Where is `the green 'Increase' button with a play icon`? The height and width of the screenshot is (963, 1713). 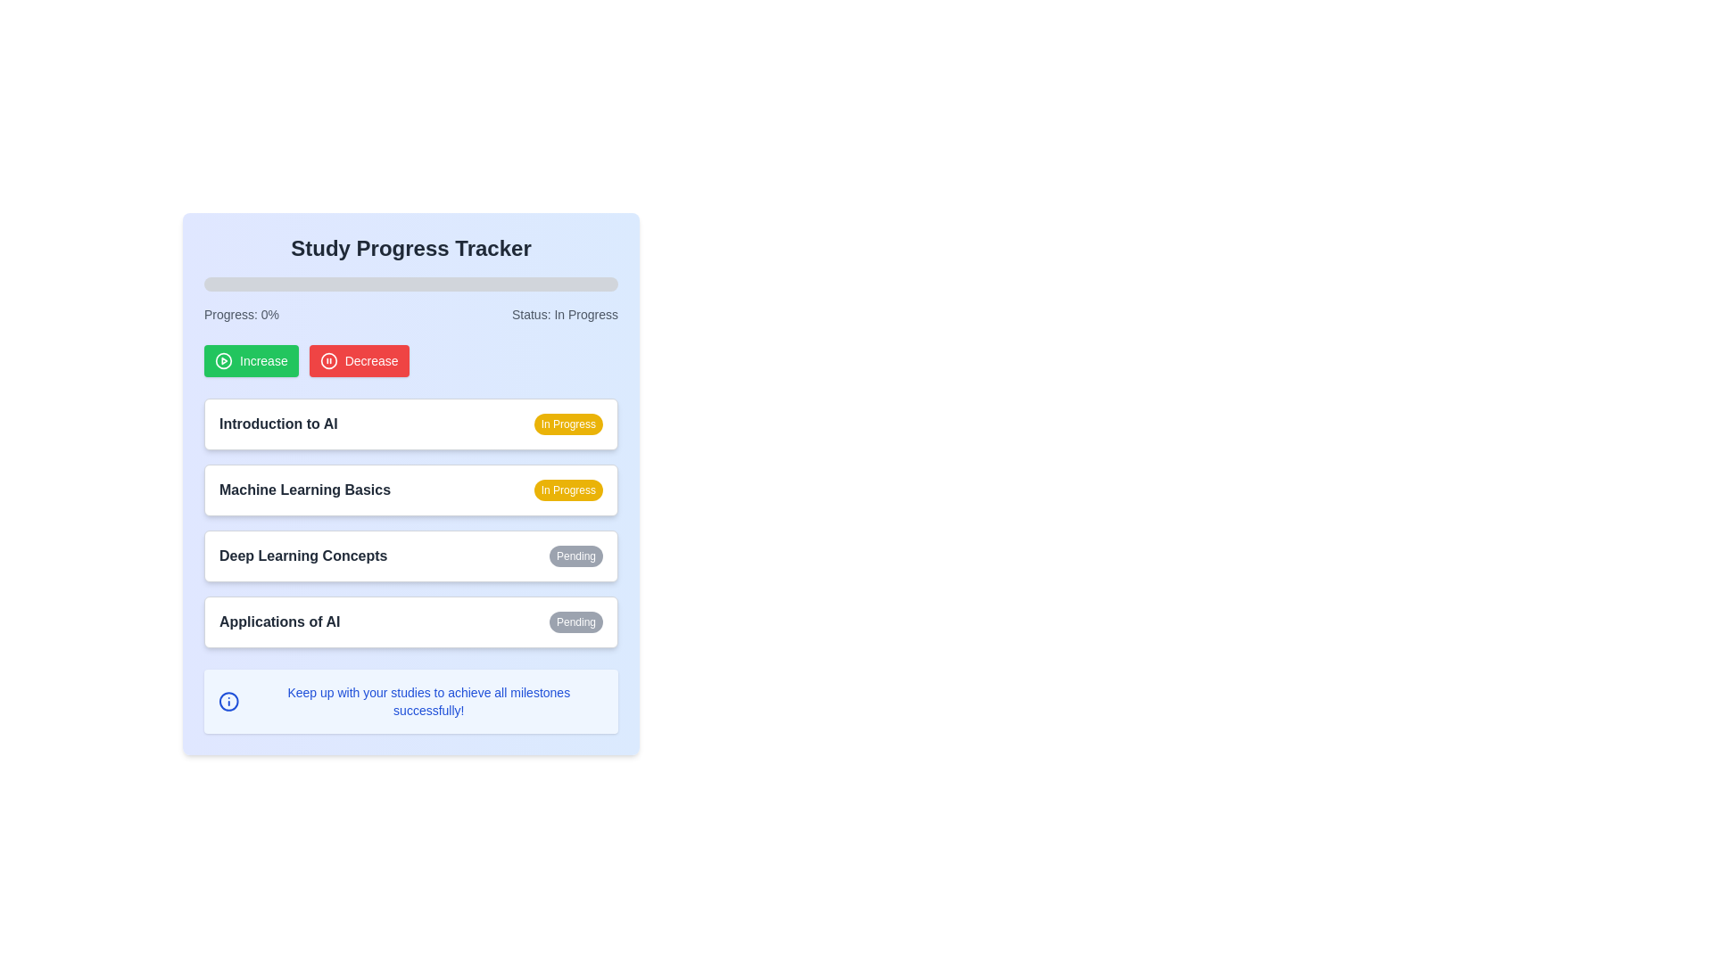 the green 'Increase' button with a play icon is located at coordinates (250, 361).